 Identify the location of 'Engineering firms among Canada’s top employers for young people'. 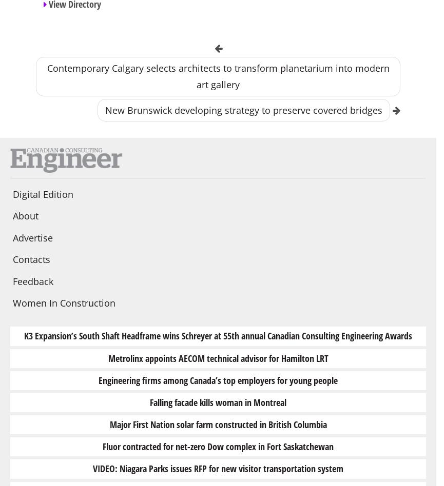
(218, 379).